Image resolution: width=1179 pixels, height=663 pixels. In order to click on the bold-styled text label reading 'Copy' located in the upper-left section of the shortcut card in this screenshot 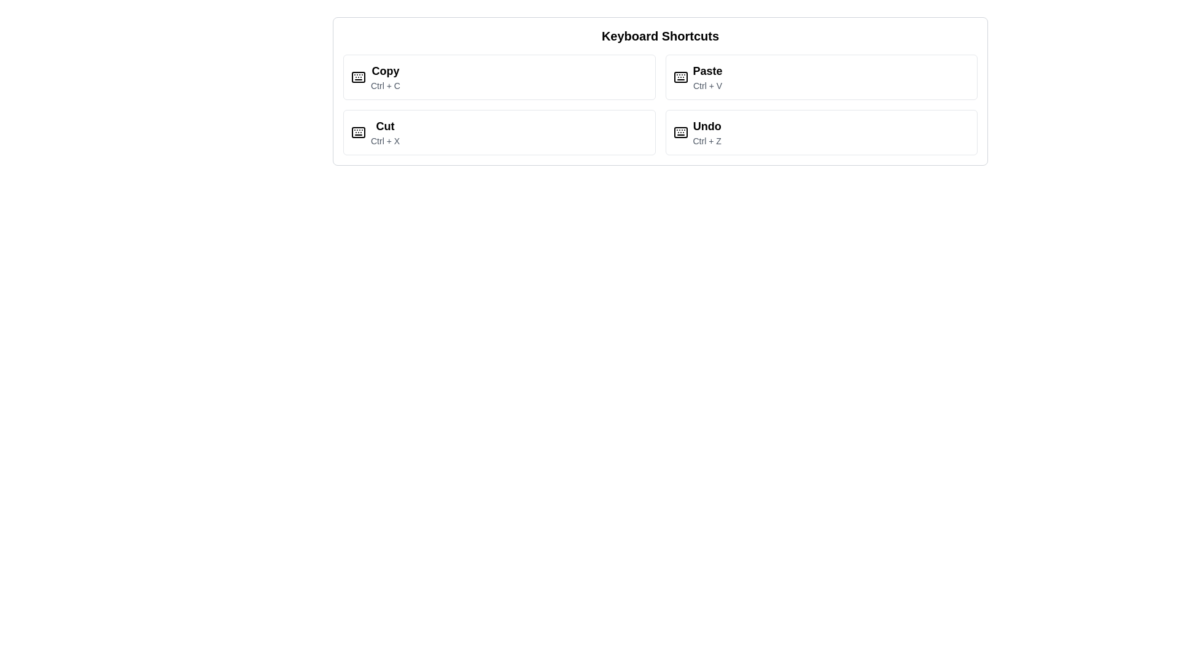, I will do `click(384, 71)`.